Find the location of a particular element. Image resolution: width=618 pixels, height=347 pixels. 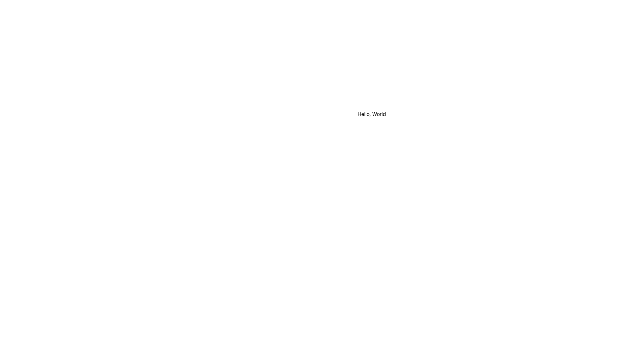

the Text Label element displaying 'Hello, World' to read the text is located at coordinates (372, 113).